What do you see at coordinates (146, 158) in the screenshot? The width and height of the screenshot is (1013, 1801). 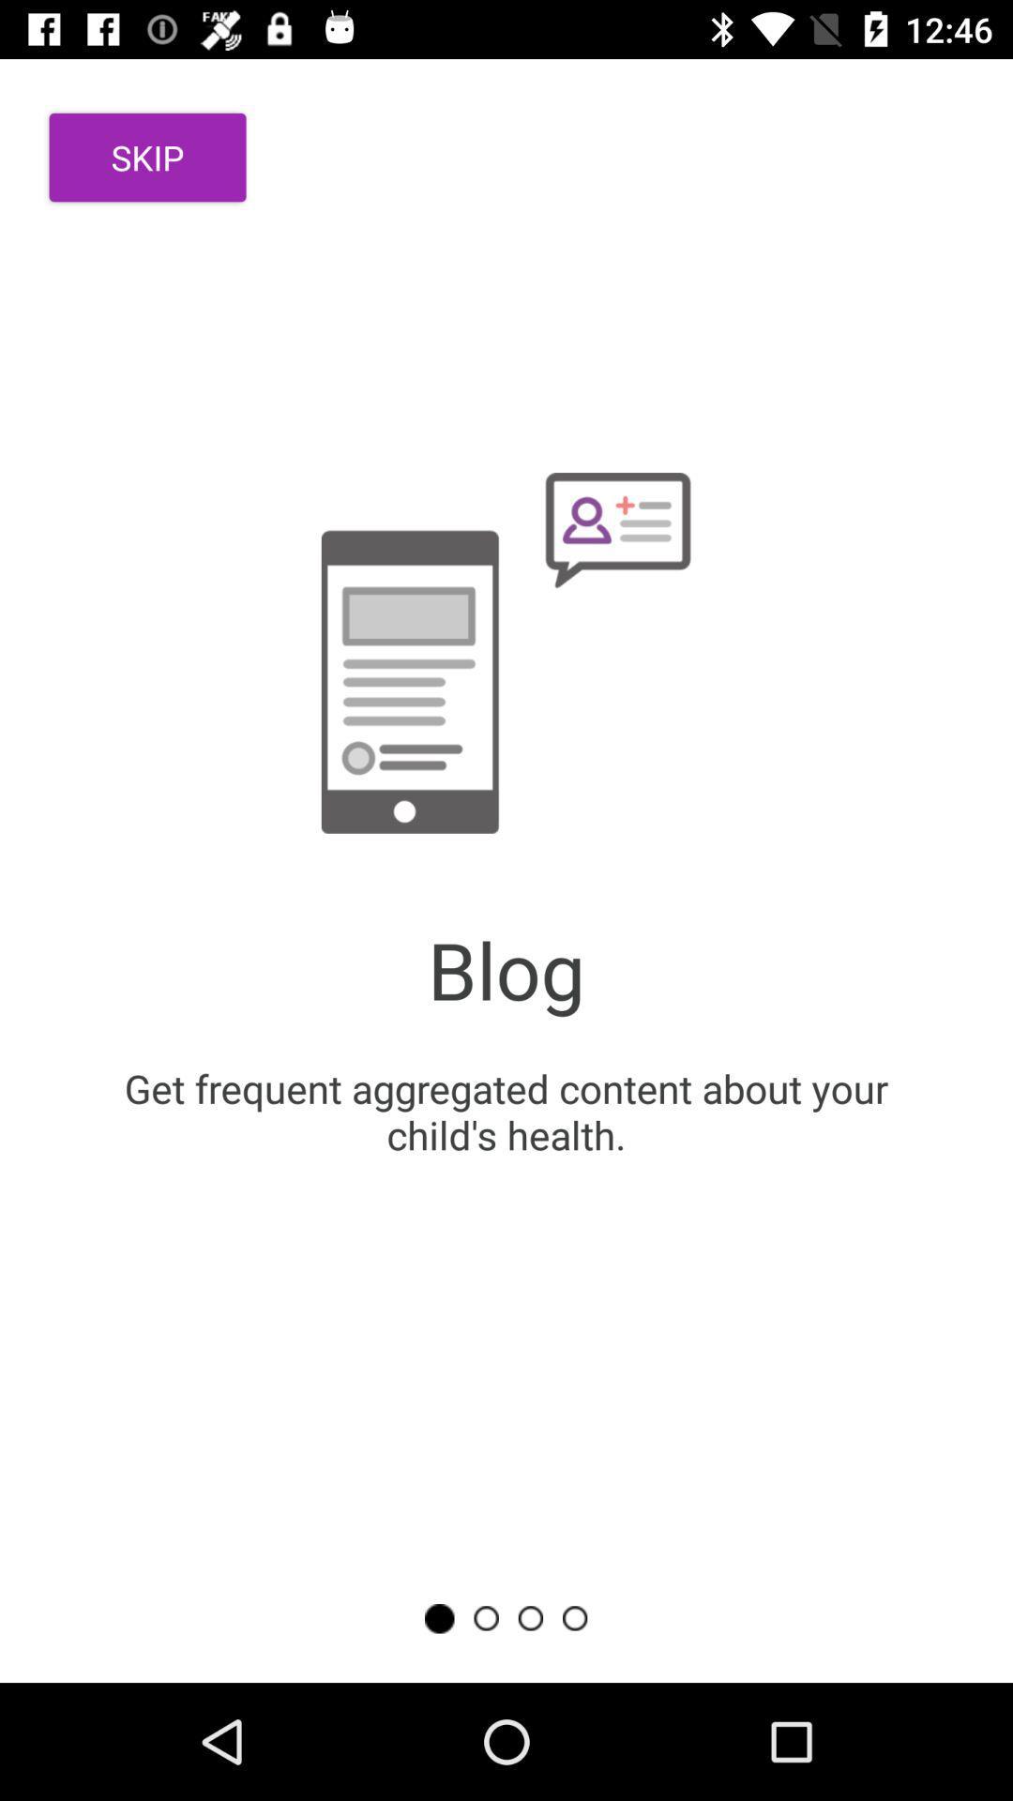 I see `item at the top left corner` at bounding box center [146, 158].